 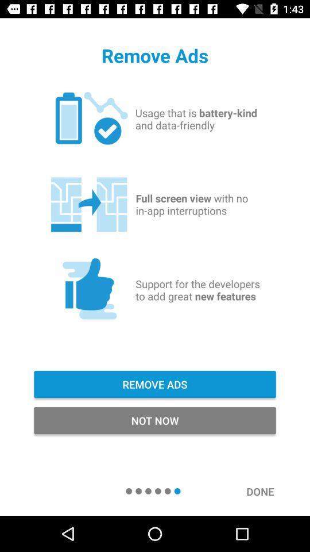 I want to click on item above done item, so click(x=155, y=420).